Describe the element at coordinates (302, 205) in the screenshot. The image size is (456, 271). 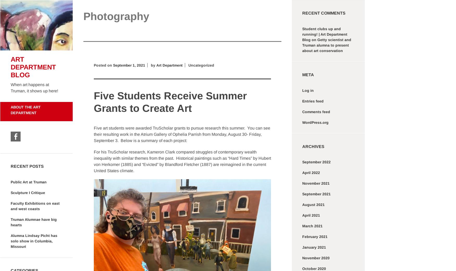
I see `'August 2021'` at that location.